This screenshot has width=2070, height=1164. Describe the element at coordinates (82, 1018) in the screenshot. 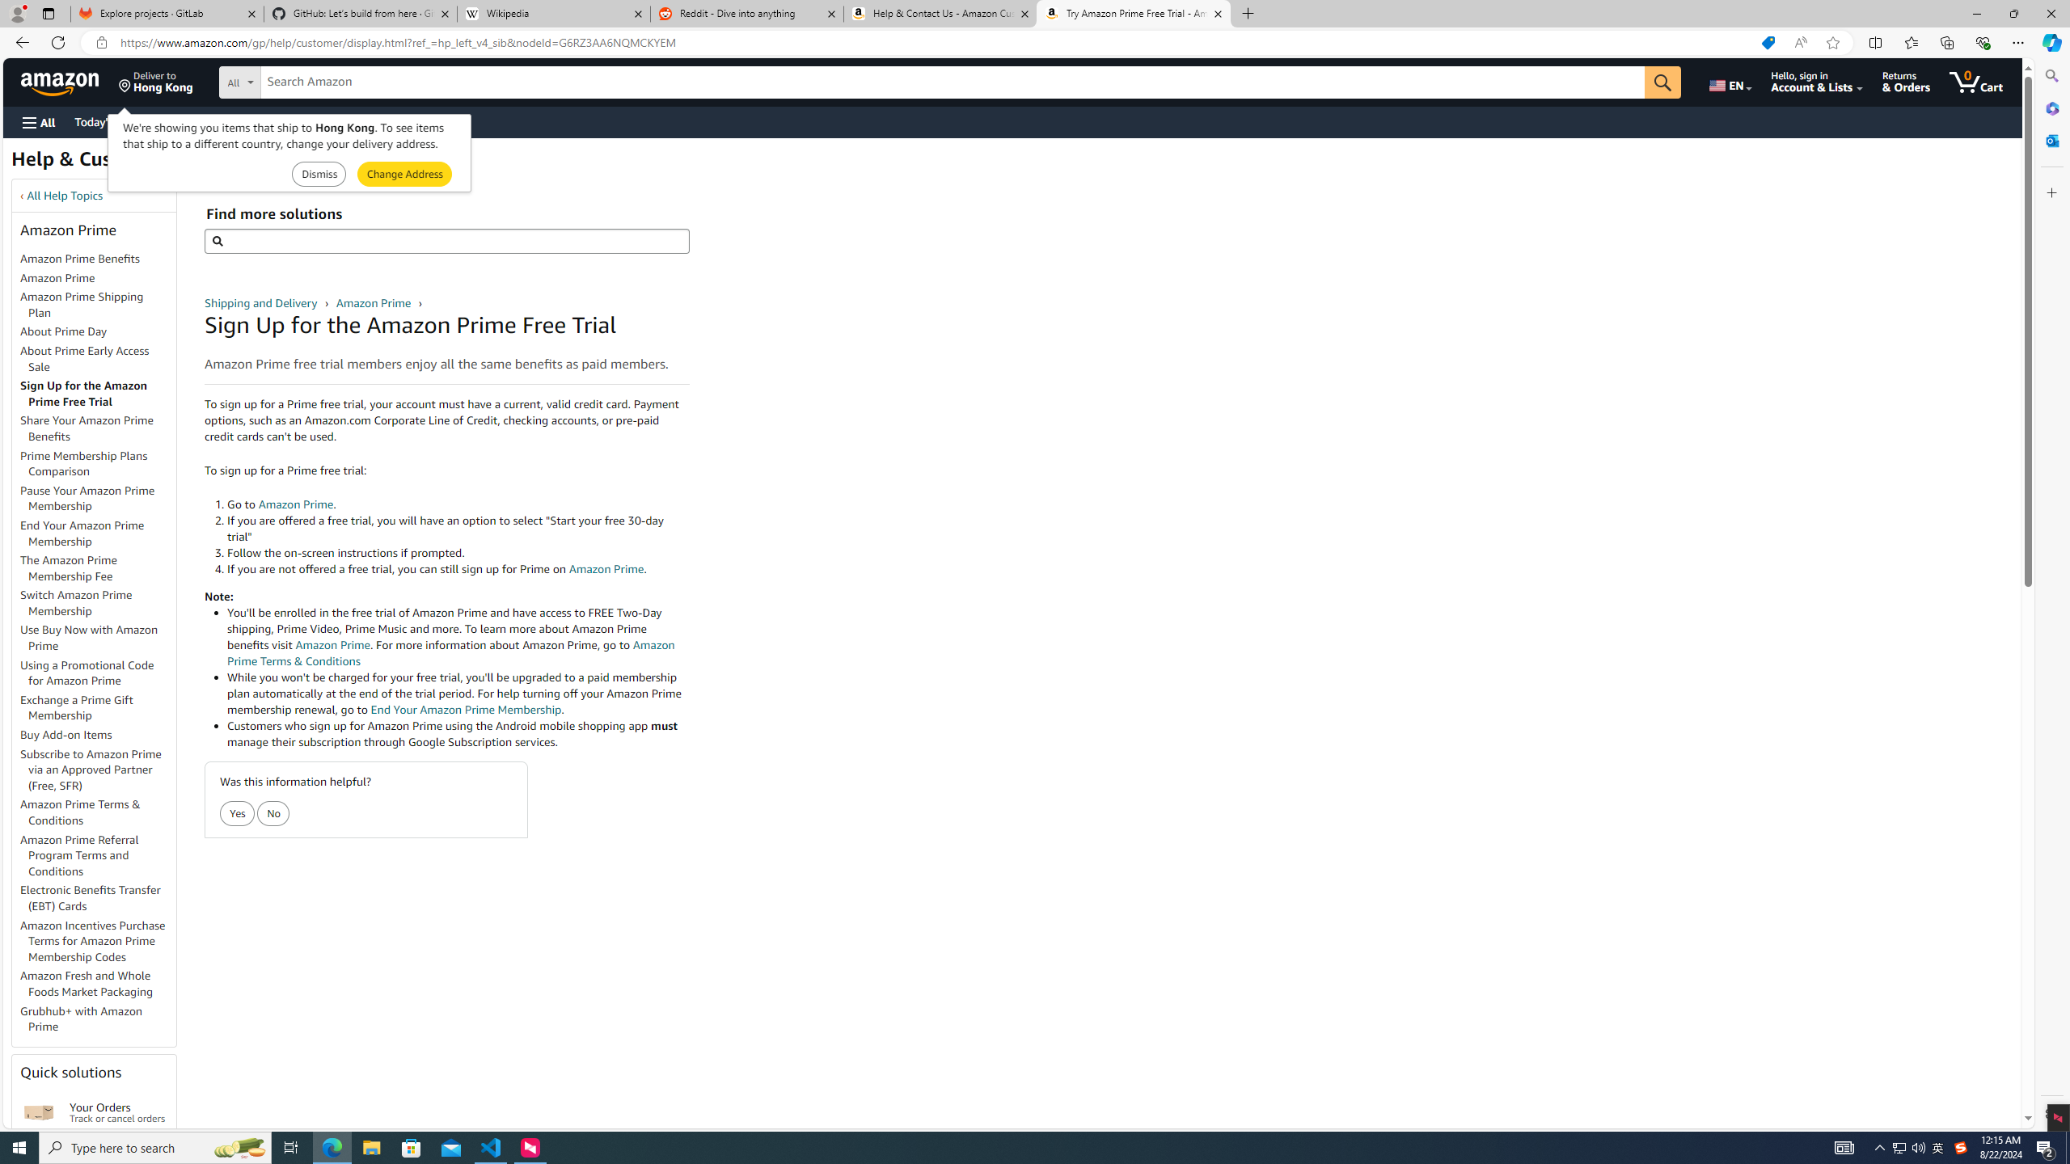

I see `'Grubhub+ with Amazon Prime'` at that location.